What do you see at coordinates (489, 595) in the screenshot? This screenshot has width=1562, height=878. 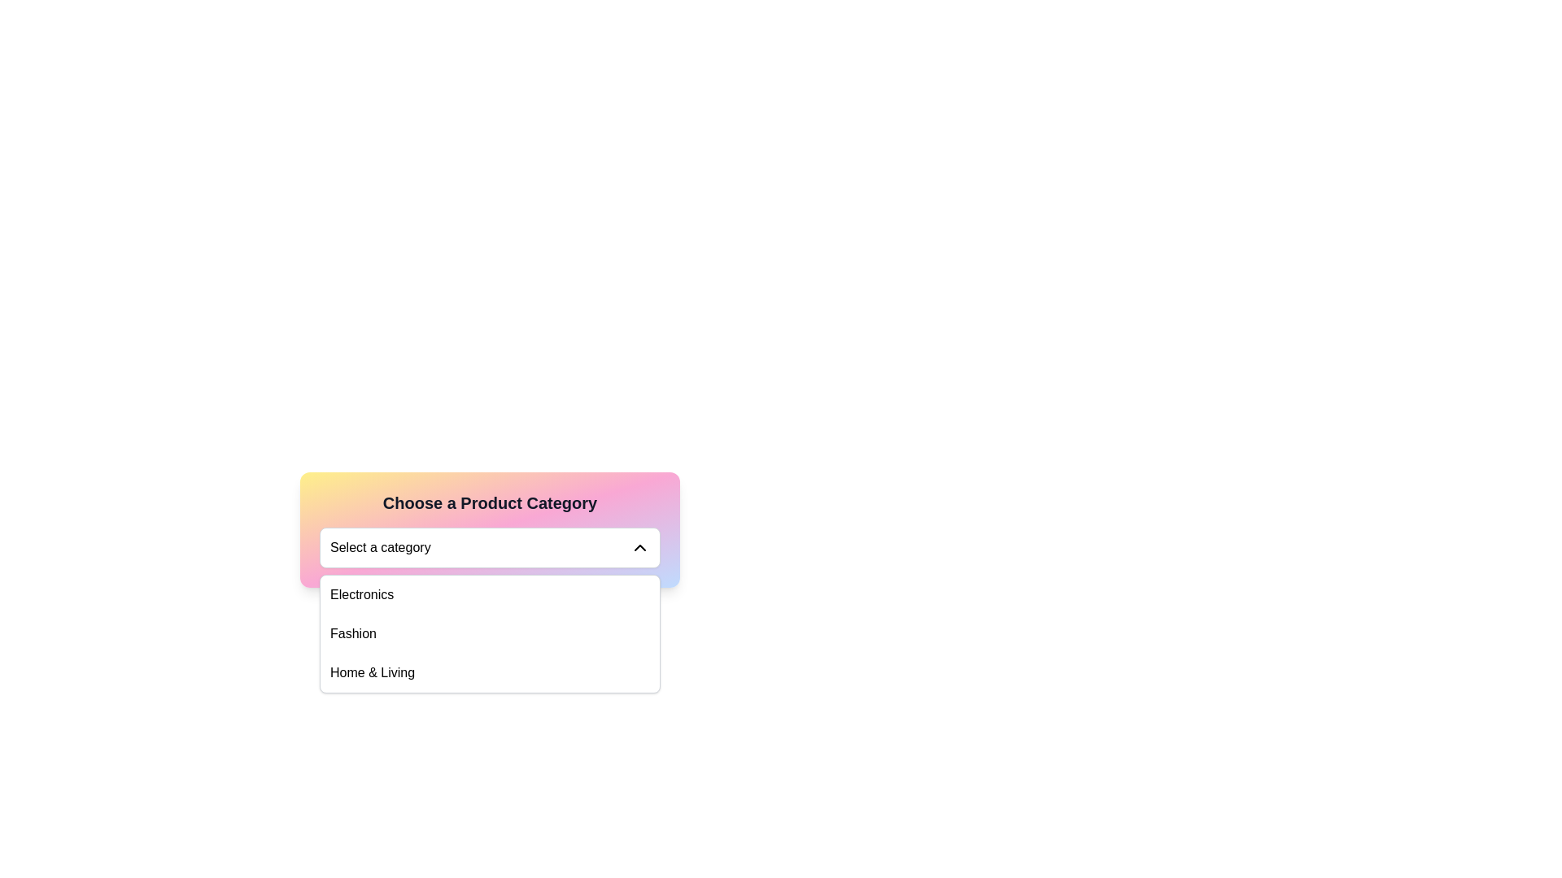 I see `the 'Electronics' dropdown menu item, the first entry in the vertical list located below the 'Select a category' field` at bounding box center [489, 595].